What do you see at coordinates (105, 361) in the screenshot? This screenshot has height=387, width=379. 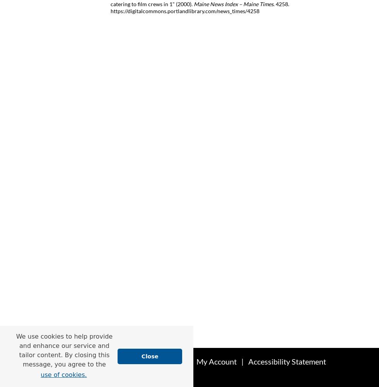 I see `'Home'` at bounding box center [105, 361].